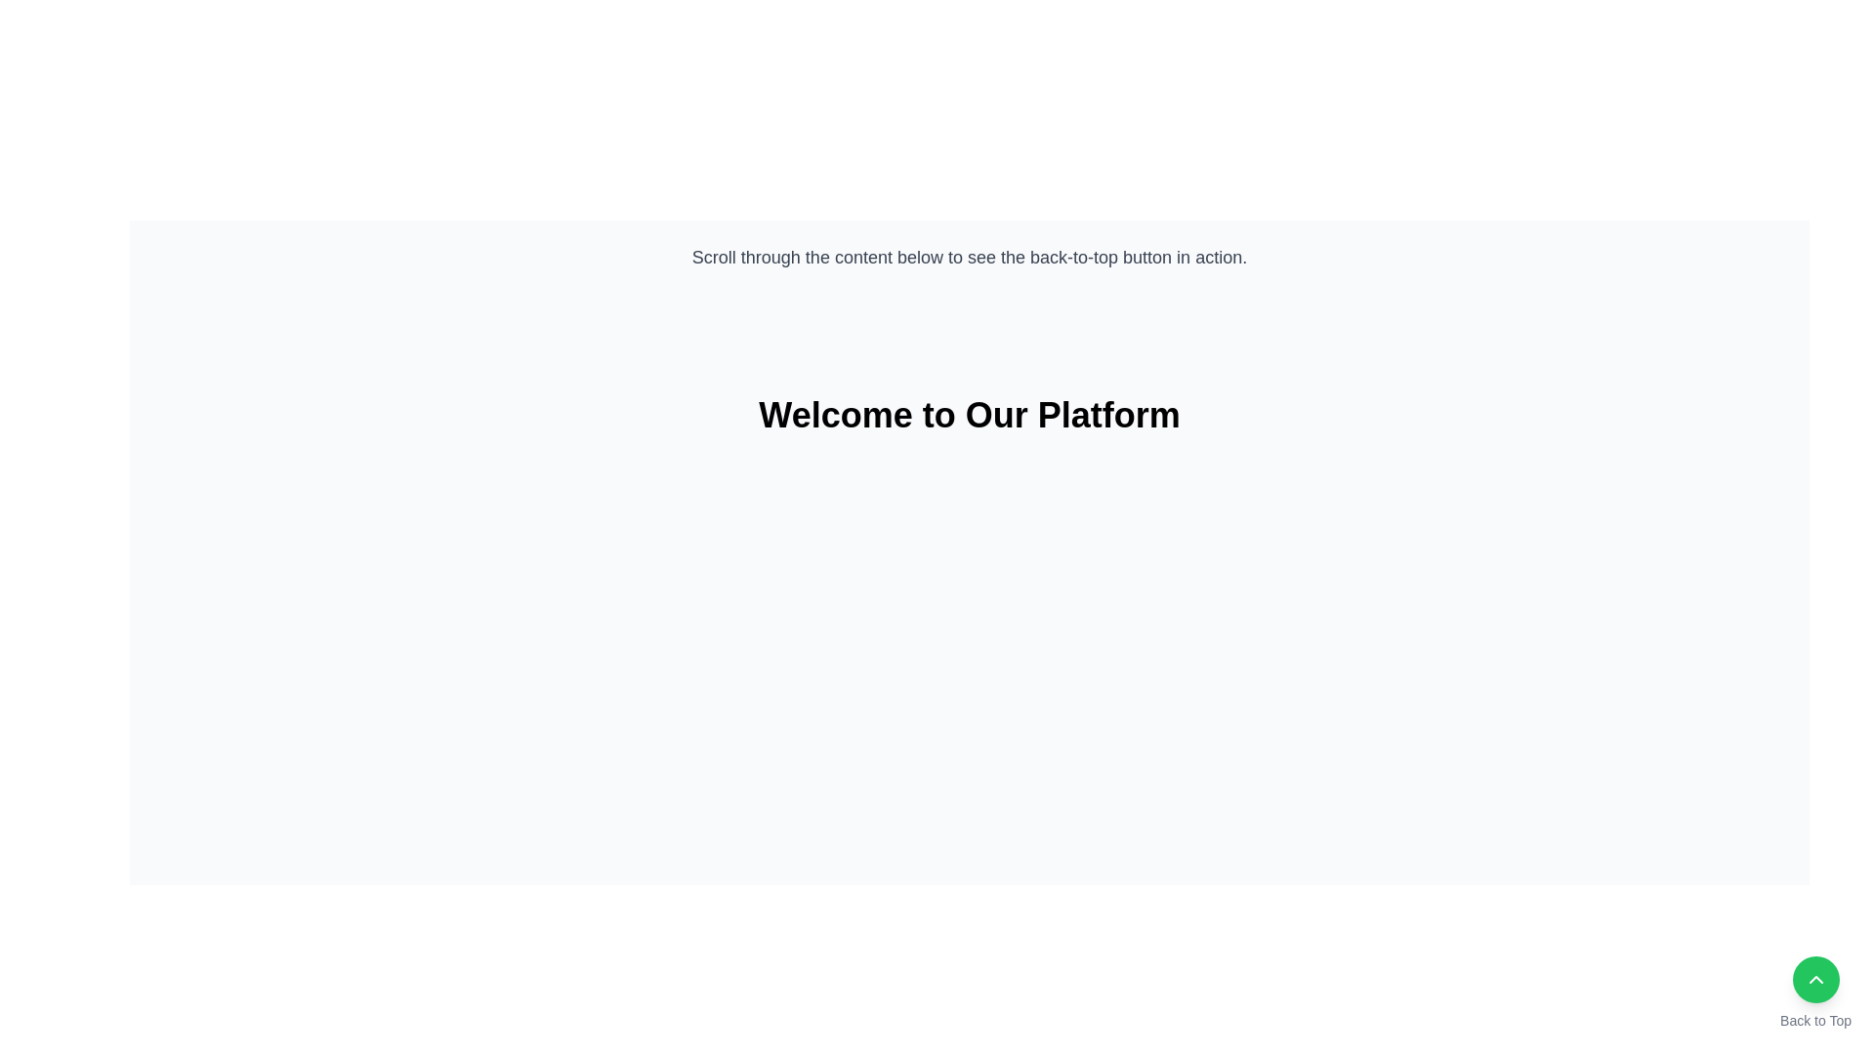  I want to click on instructional text paragraph that provides information on how to interact with the page to see the 'back-to-top' button feature, positioned above the 'Welcome to Our Platform' header, so click(970, 256).